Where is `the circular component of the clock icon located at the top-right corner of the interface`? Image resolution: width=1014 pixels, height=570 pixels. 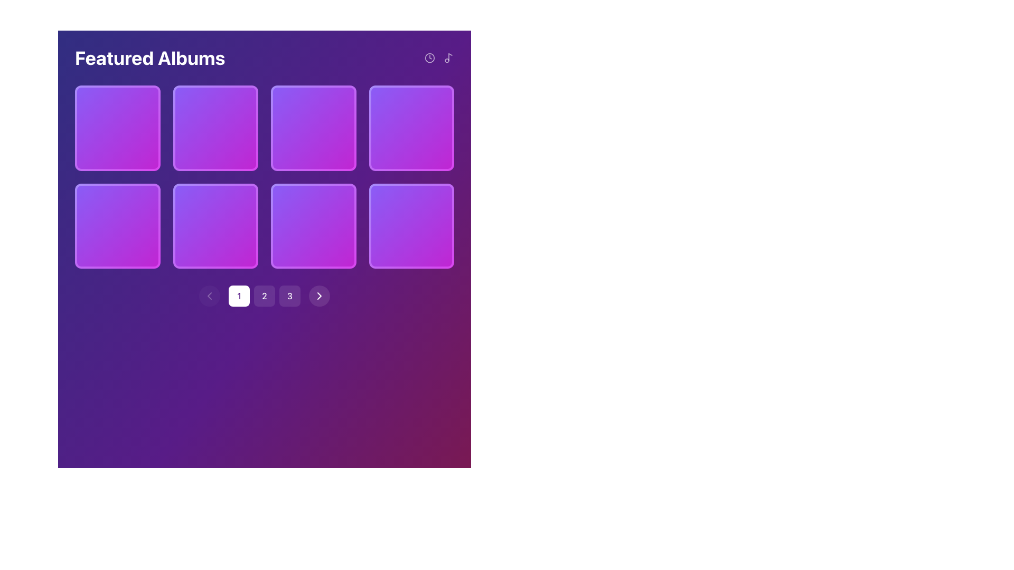
the circular component of the clock icon located at the top-right corner of the interface is located at coordinates (430, 58).